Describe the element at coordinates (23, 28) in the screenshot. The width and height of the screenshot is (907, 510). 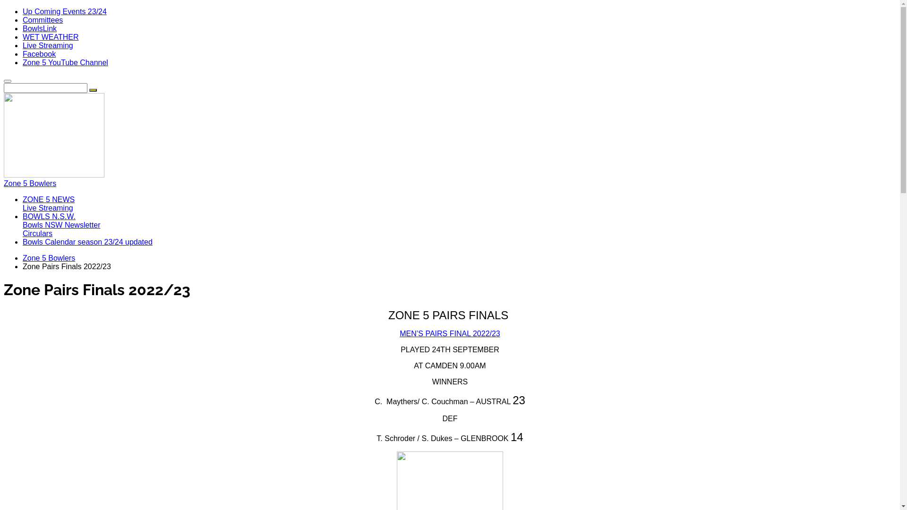
I see `'BowlsLink'` at that location.